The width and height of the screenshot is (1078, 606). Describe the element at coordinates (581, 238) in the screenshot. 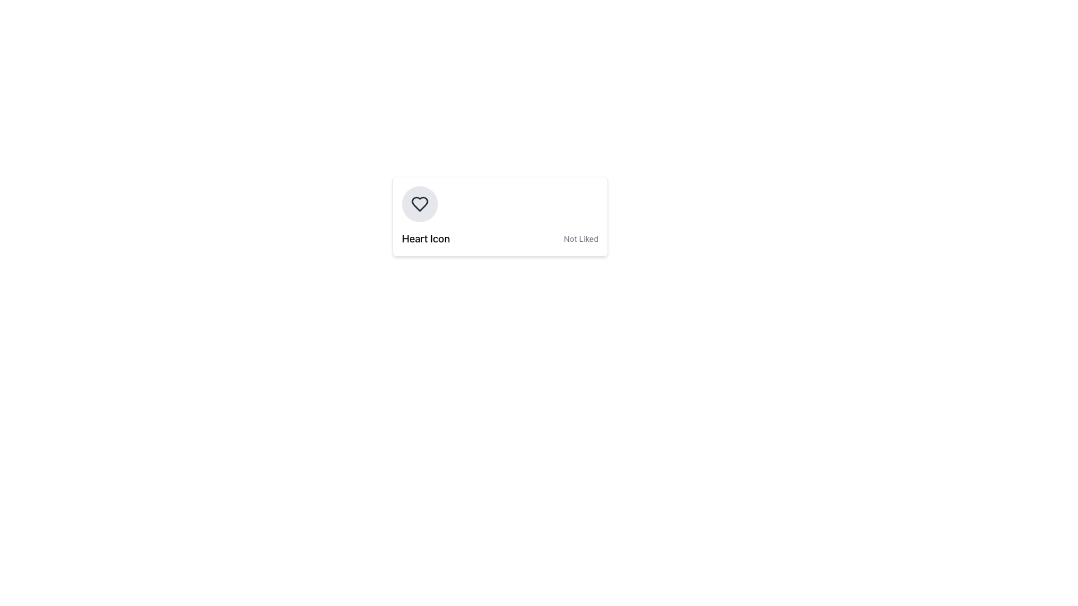

I see `the text label displaying 'Not Liked', which is aligned to the right of the 'Heart Icon'` at that location.